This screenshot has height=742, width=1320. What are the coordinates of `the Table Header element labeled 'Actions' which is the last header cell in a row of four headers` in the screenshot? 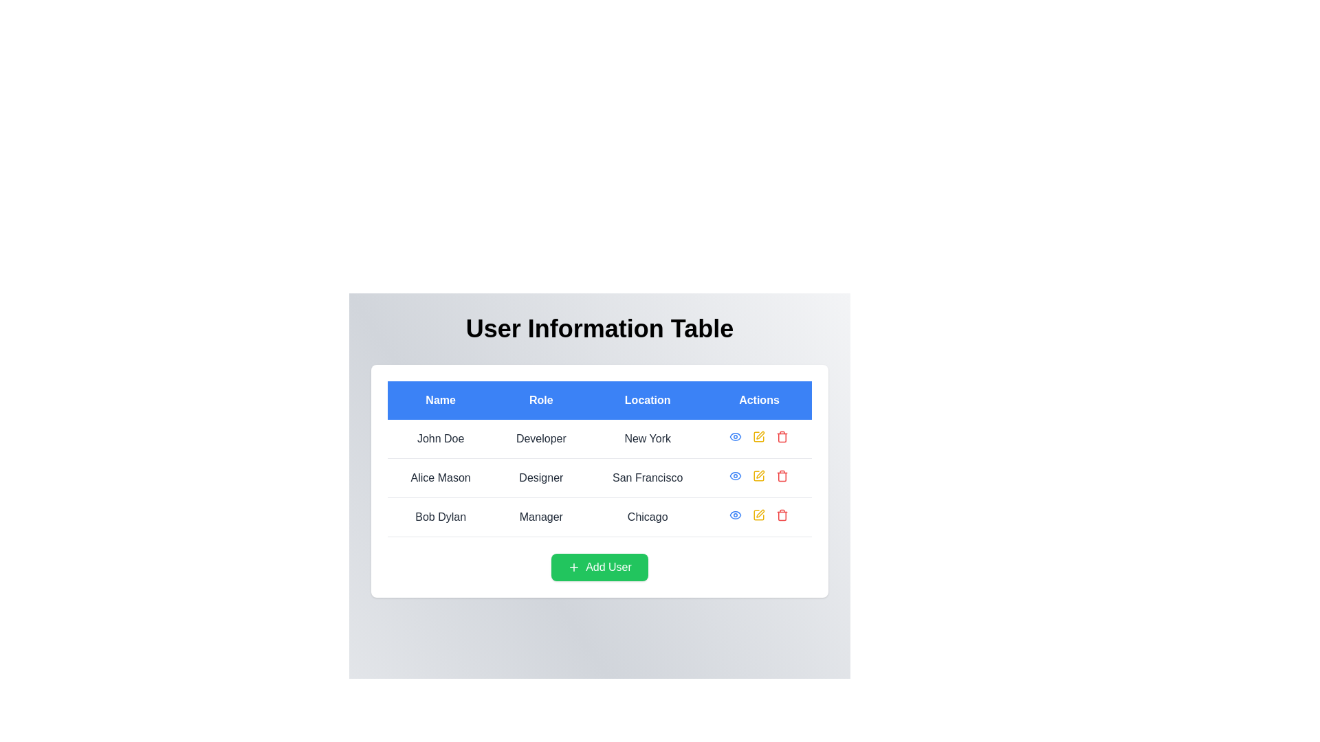 It's located at (758, 400).